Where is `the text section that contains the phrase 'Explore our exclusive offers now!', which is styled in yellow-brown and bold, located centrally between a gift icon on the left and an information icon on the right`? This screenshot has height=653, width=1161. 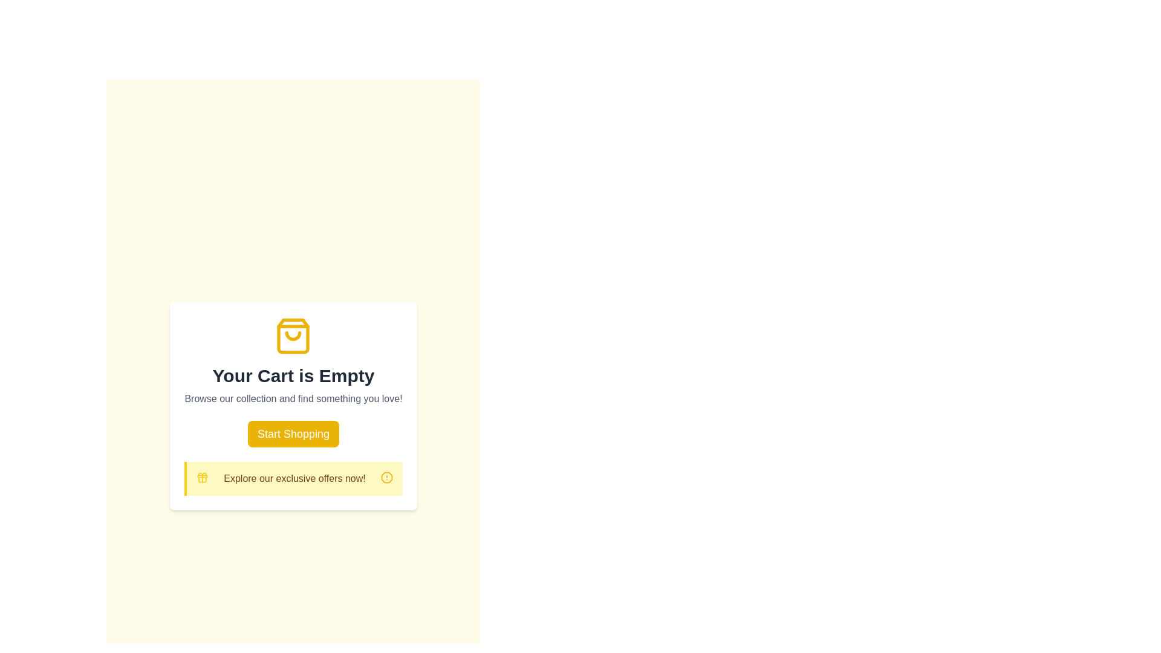 the text section that contains the phrase 'Explore our exclusive offers now!', which is styled in yellow-brown and bold, located centrally between a gift icon on the left and an information icon on the right is located at coordinates (294, 478).